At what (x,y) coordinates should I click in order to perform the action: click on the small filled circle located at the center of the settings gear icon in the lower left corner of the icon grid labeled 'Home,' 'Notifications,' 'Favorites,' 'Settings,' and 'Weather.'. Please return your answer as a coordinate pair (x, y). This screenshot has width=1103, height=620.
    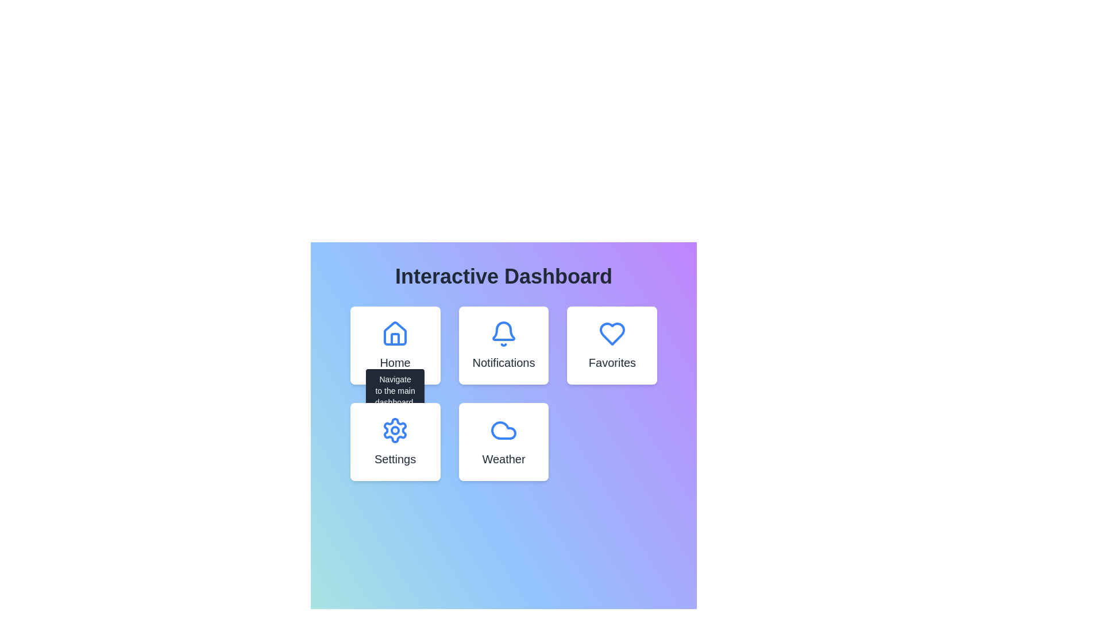
    Looking at the image, I should click on (395, 430).